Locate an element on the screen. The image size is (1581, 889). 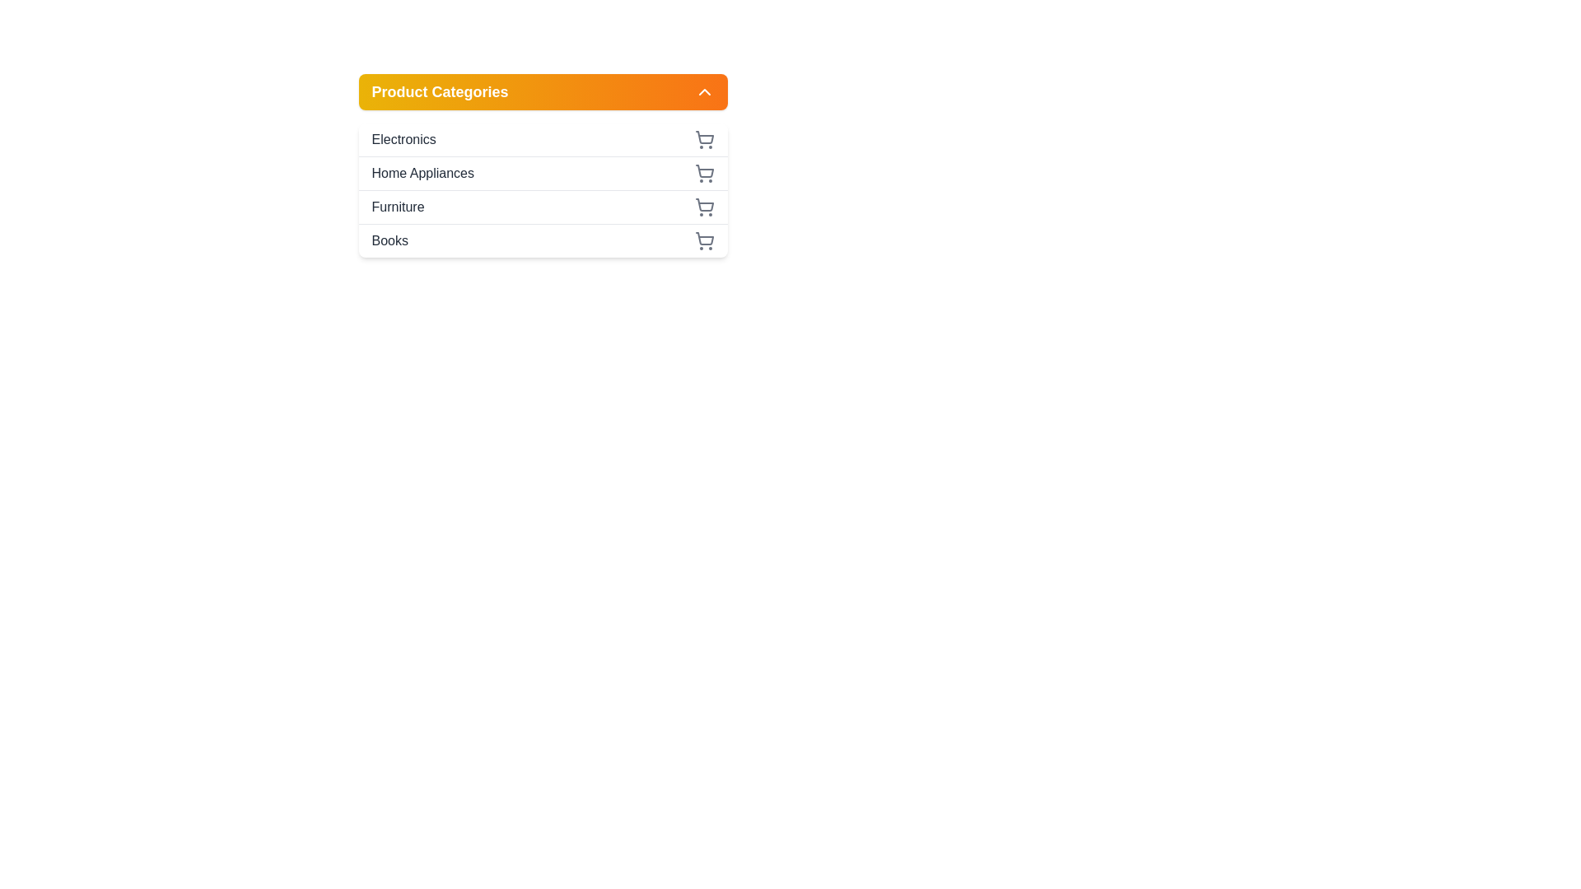
the shopping cart icon in the rightmost section of the 'Home Appliances' row, which is the second row from the top in a vertical list layout is located at coordinates (704, 174).